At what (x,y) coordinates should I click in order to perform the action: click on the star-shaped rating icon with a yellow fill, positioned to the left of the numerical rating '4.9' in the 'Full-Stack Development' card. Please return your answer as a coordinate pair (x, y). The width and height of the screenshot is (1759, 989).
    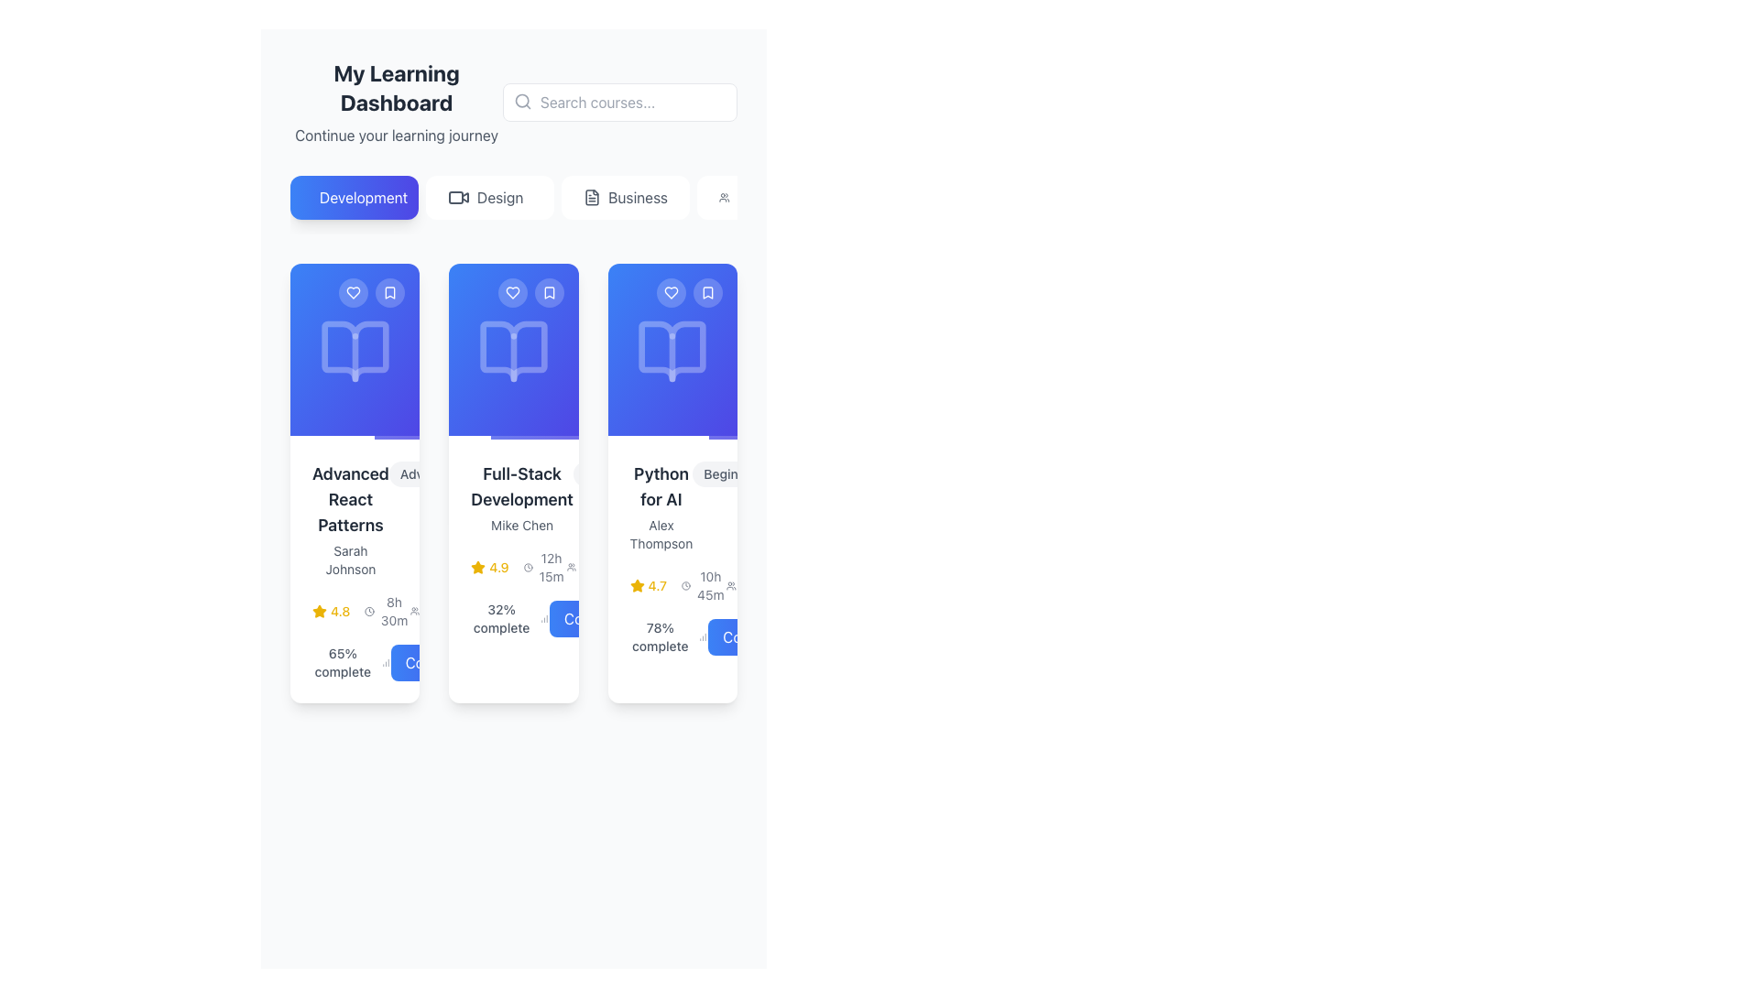
    Looking at the image, I should click on (478, 567).